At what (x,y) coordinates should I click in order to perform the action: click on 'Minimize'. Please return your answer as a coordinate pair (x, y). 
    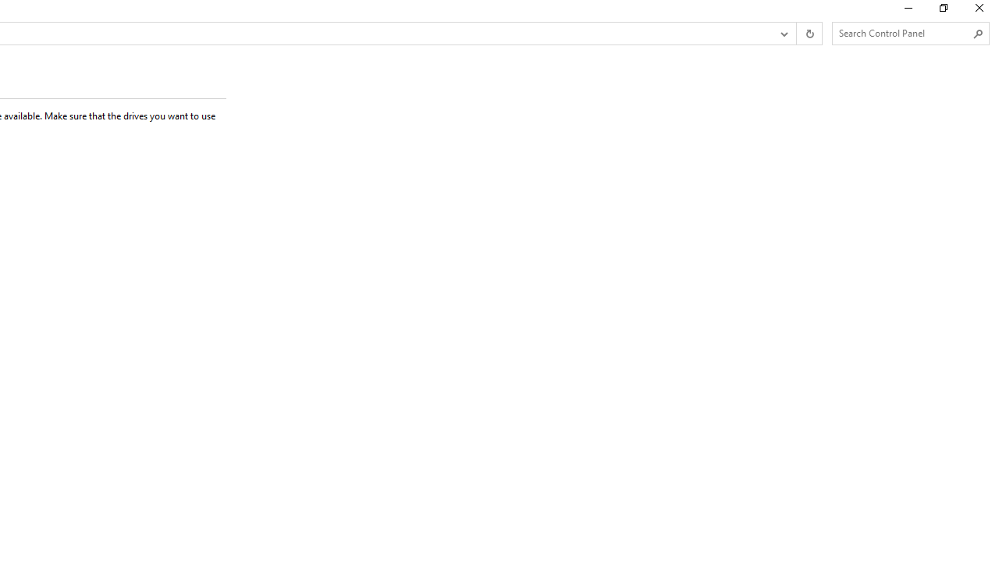
    Looking at the image, I should click on (907, 12).